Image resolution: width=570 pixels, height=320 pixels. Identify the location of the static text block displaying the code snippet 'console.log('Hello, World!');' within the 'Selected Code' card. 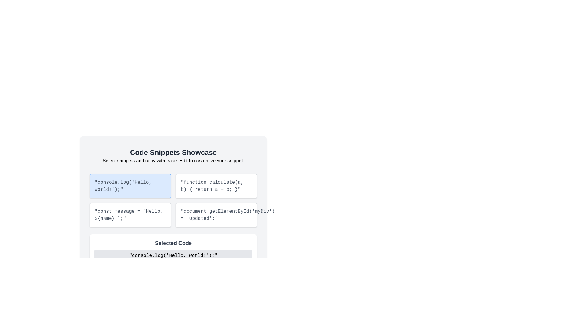
(173, 255).